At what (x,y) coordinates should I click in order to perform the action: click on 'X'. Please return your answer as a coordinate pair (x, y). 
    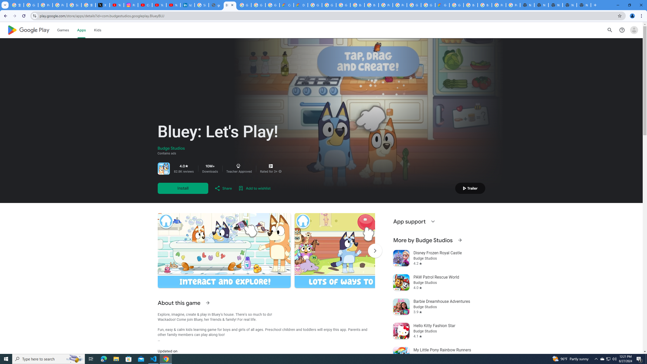
    Looking at the image, I should click on (102, 5).